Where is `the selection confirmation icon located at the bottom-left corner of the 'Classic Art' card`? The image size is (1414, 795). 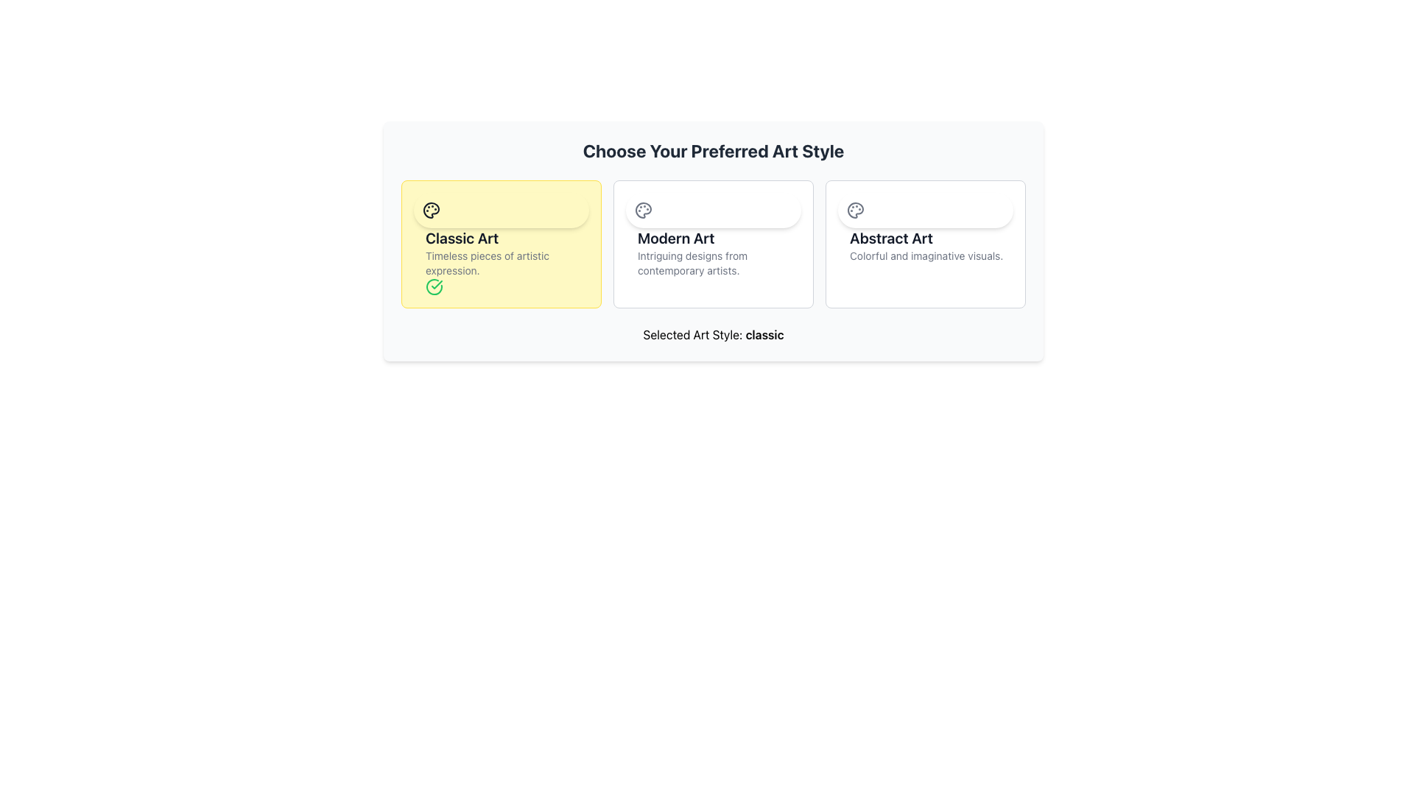 the selection confirmation icon located at the bottom-left corner of the 'Classic Art' card is located at coordinates (434, 286).